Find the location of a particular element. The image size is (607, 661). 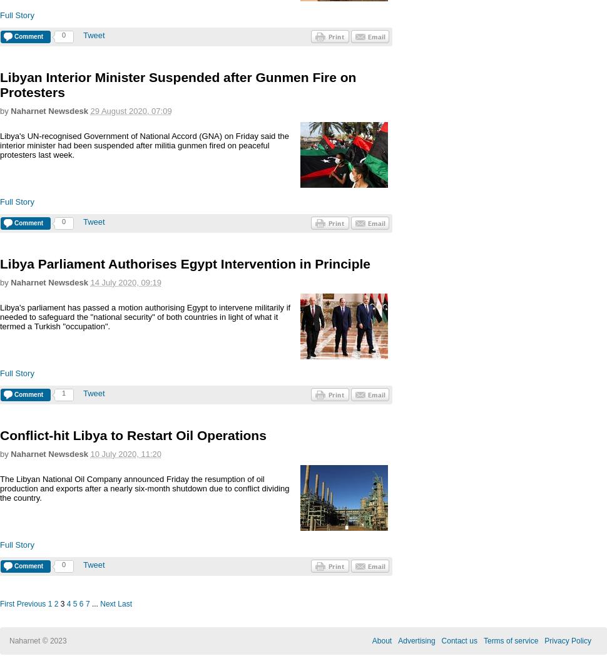

'6' is located at coordinates (79, 603).